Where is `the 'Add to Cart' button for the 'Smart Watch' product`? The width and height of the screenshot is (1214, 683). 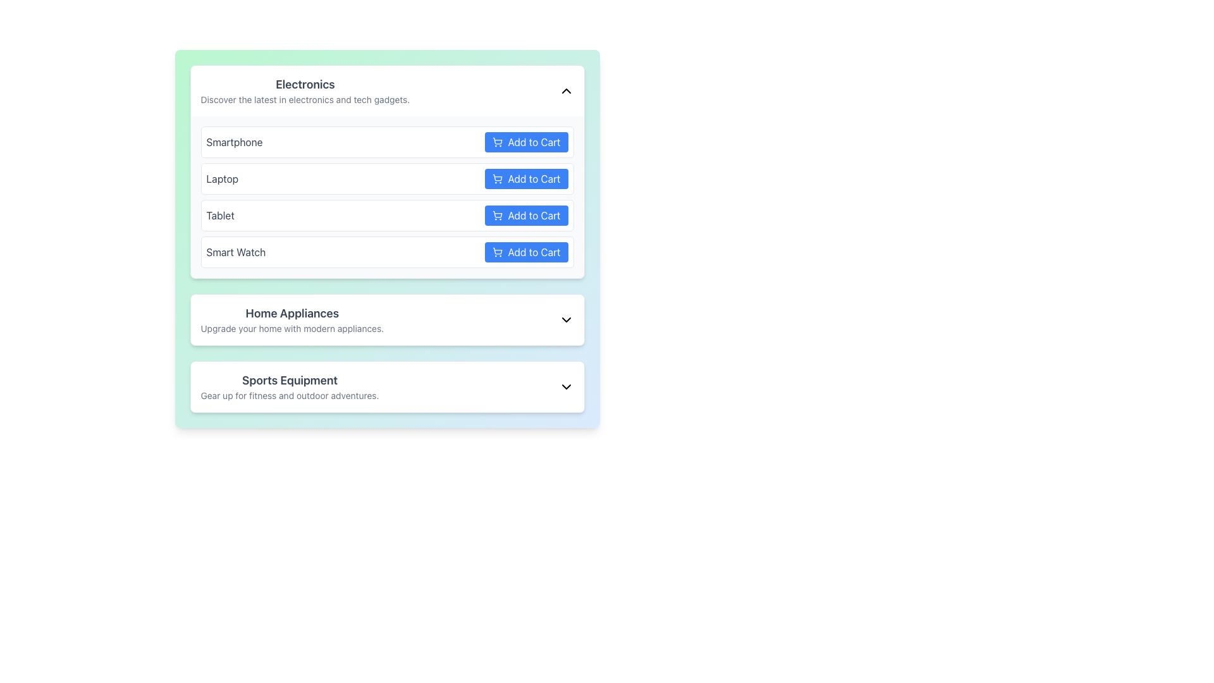
the 'Add to Cart' button for the 'Smart Watch' product is located at coordinates (526, 252).